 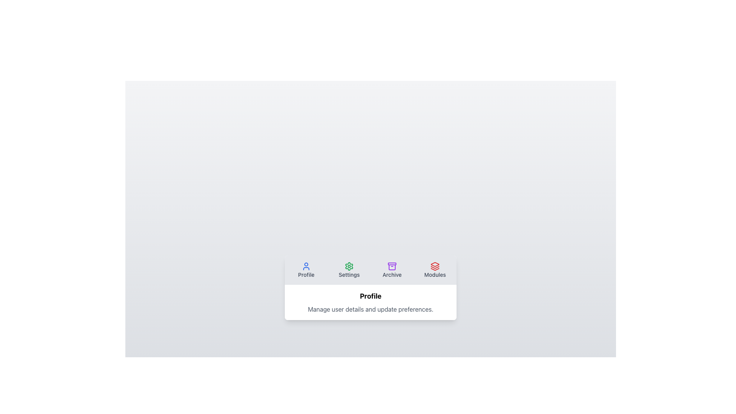 What do you see at coordinates (306, 270) in the screenshot?
I see `the 'Profile' Navigation Button, which features a blue icon of a person and a gray text label below it, located at the far-left position among other navigation elements` at bounding box center [306, 270].